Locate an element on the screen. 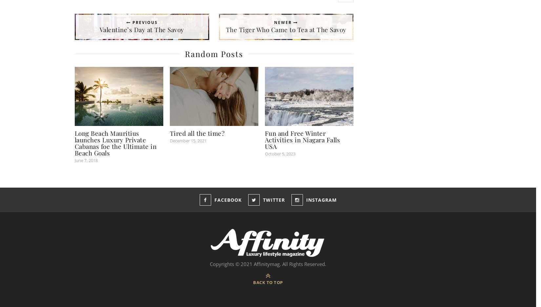  'October 5, 2023' is located at coordinates (280, 153).